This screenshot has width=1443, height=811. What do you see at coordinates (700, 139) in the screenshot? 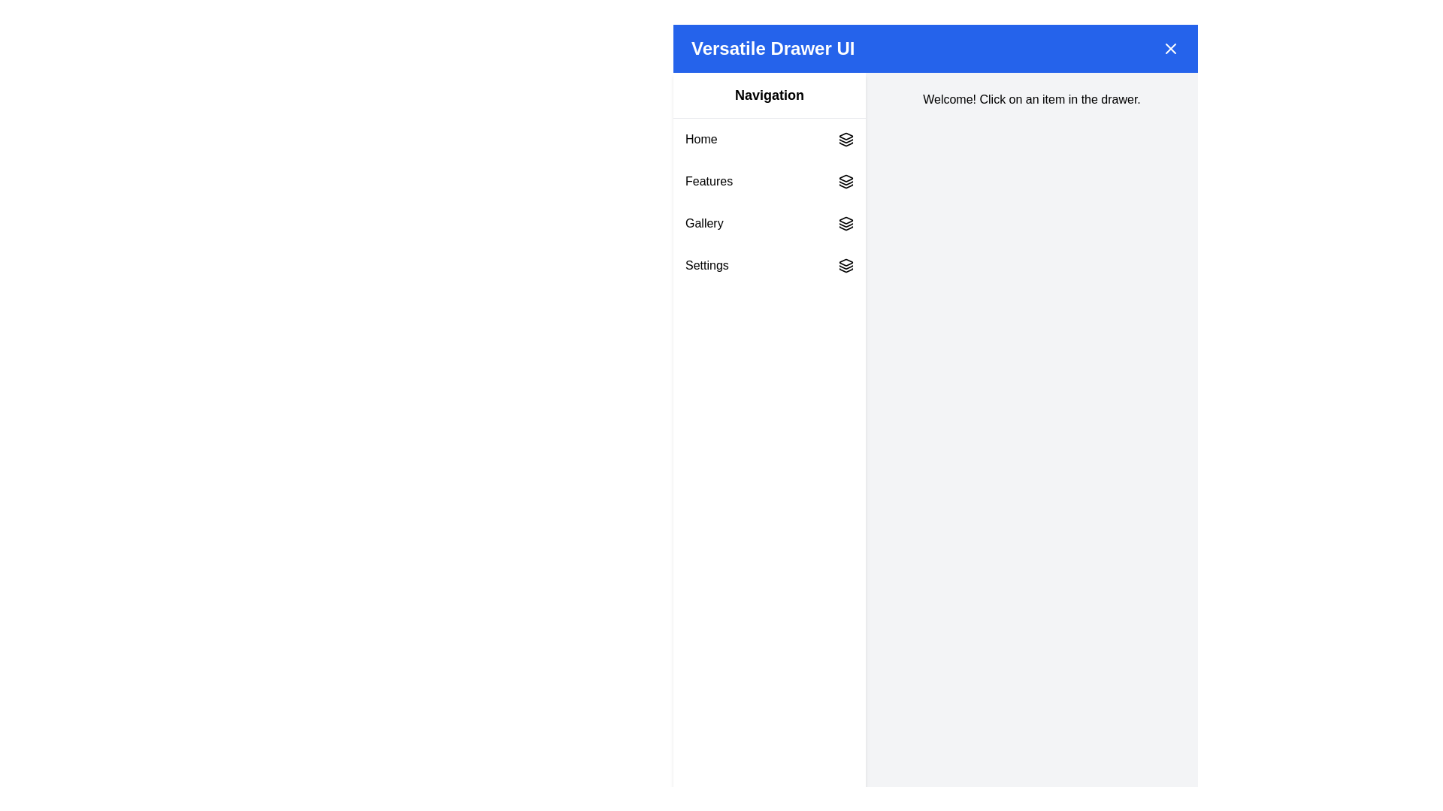
I see `the 'Home' text label element, which serves as a navigation title linking to the home page, located at the top of the navigation pane` at bounding box center [700, 139].